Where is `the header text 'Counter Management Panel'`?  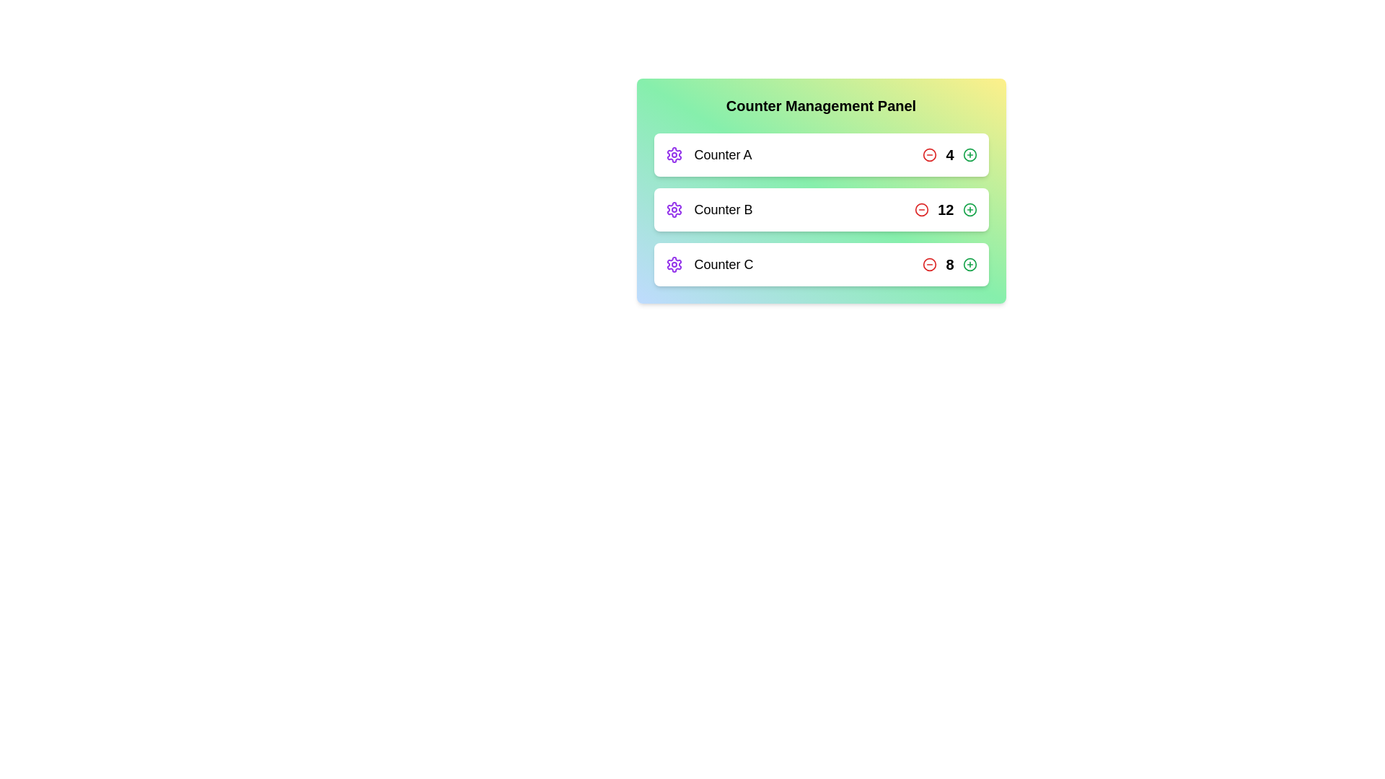 the header text 'Counter Management Panel' is located at coordinates (821, 105).